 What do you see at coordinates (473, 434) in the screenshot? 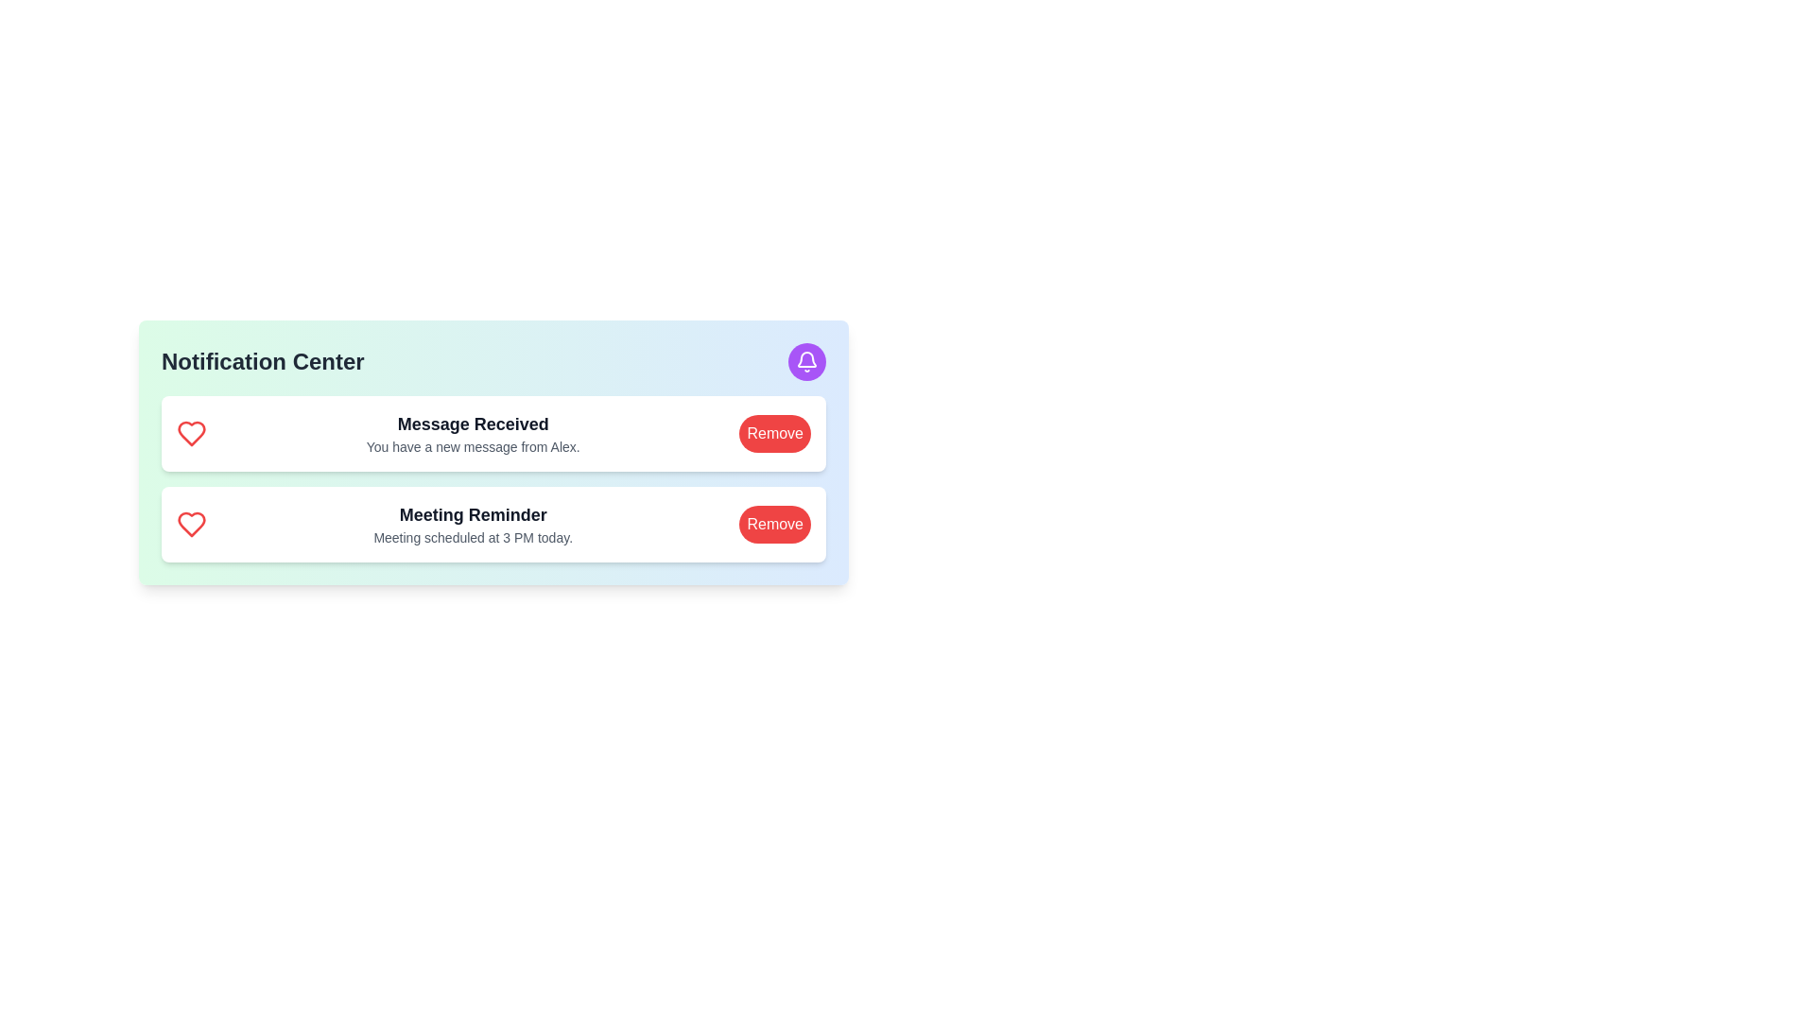
I see `the static text block that notifies the user about a new message, located at the center of the first notification block` at bounding box center [473, 434].